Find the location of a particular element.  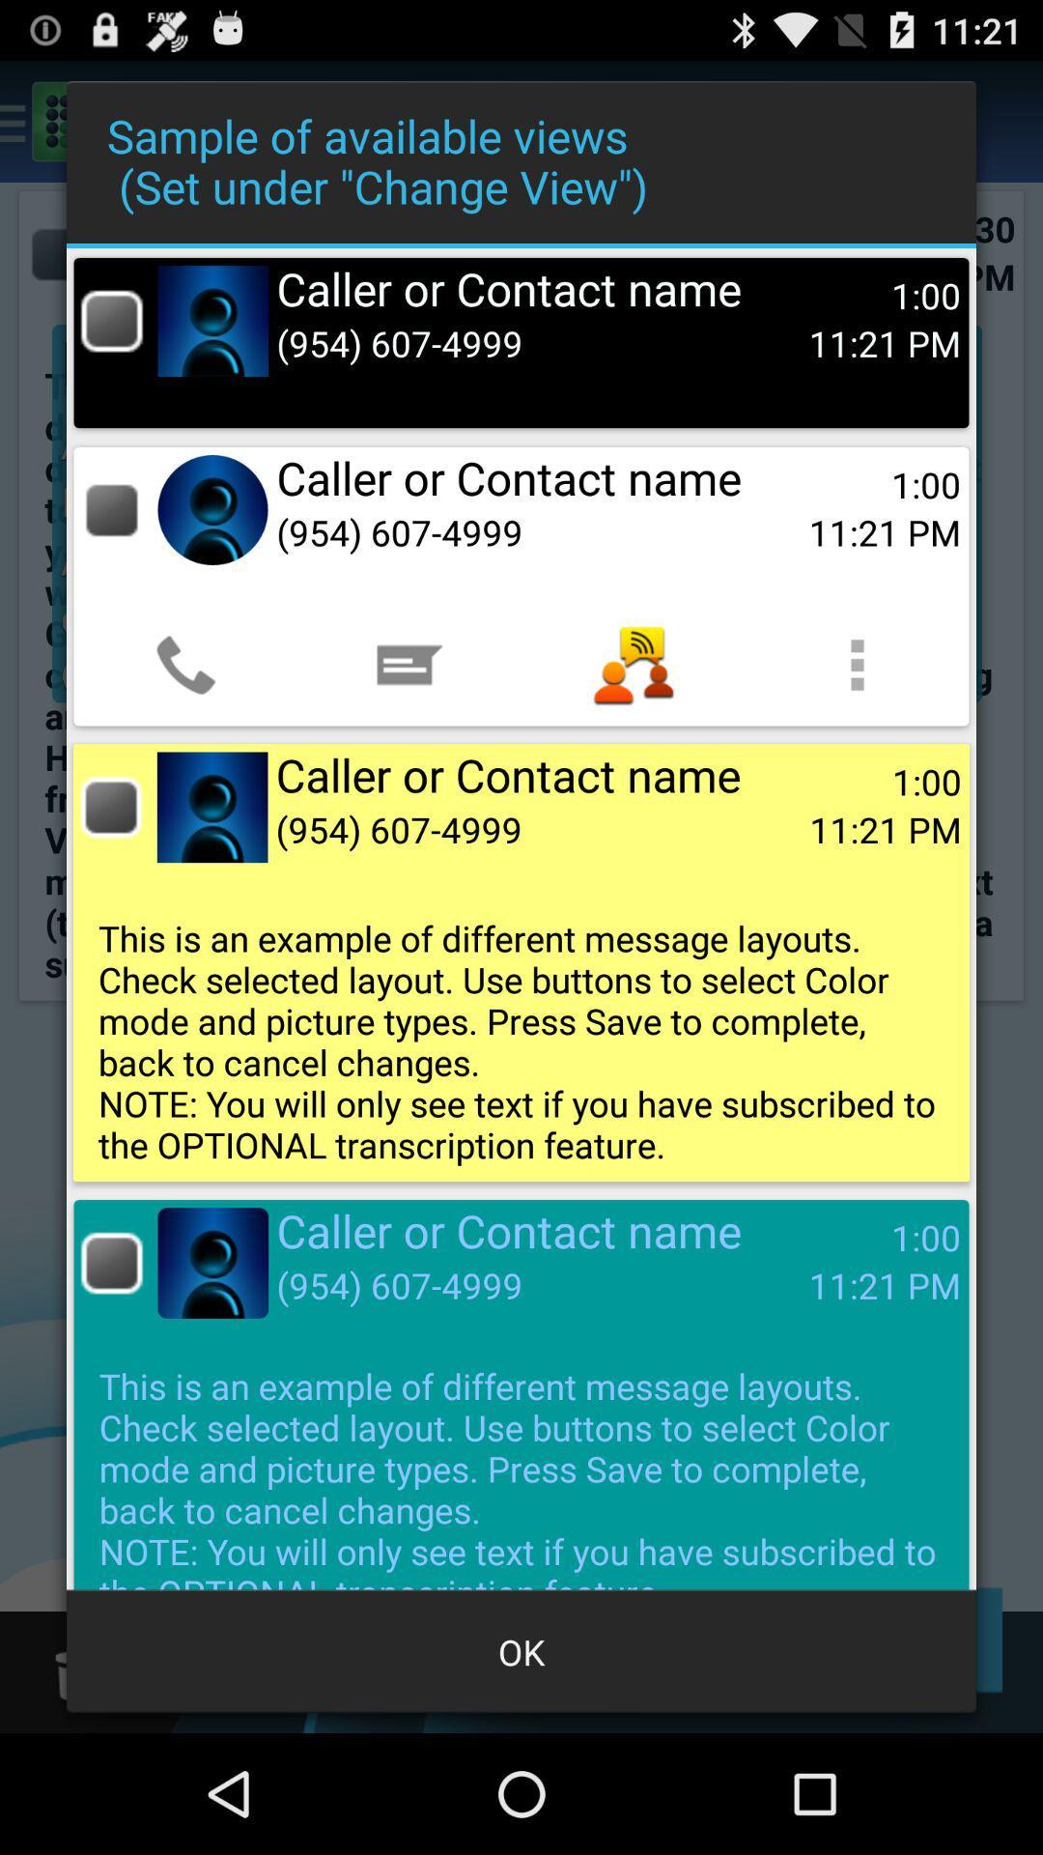

icon above the caller or contact app is located at coordinates (856, 665).